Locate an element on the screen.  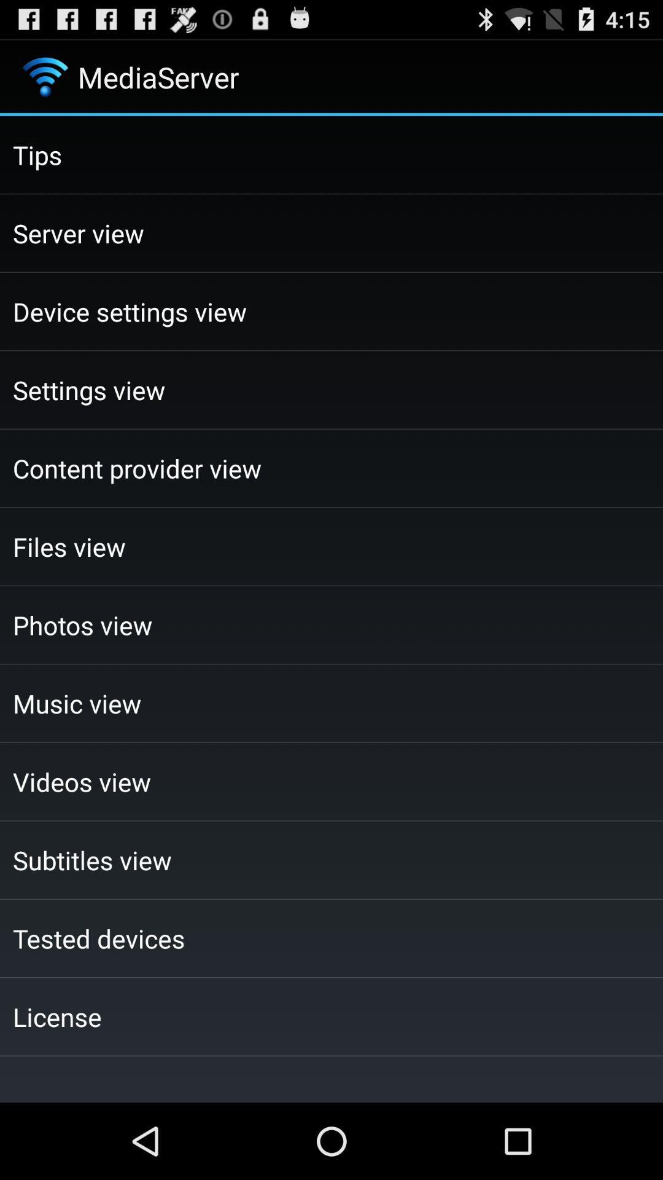
the checkbox above the subtitles view checkbox is located at coordinates (331, 781).